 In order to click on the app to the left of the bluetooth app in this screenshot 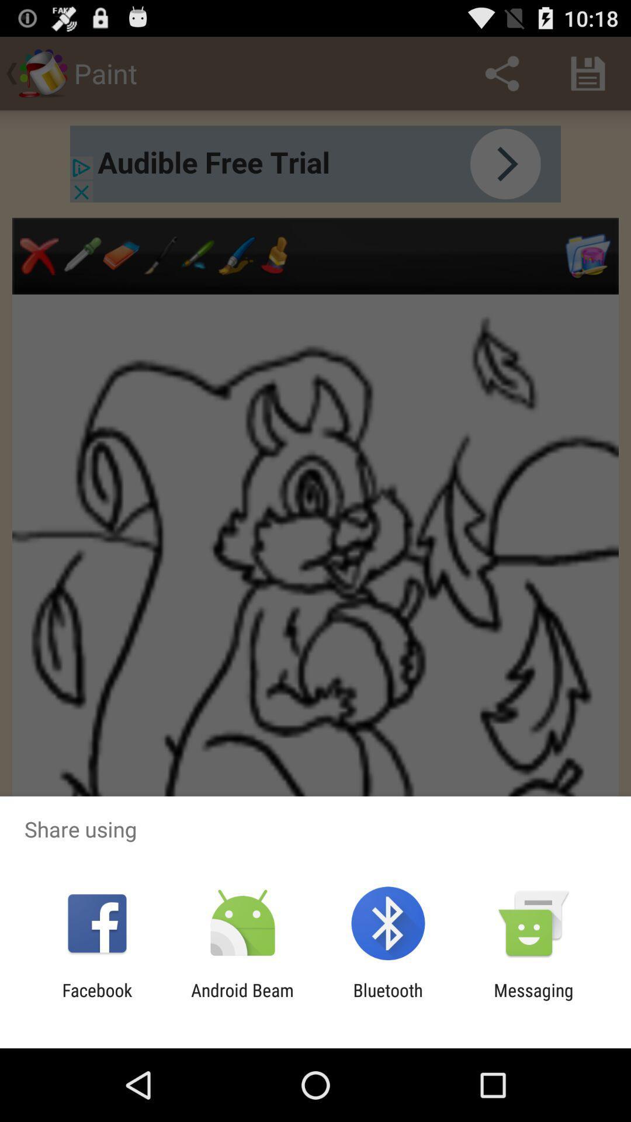, I will do `click(242, 1000)`.